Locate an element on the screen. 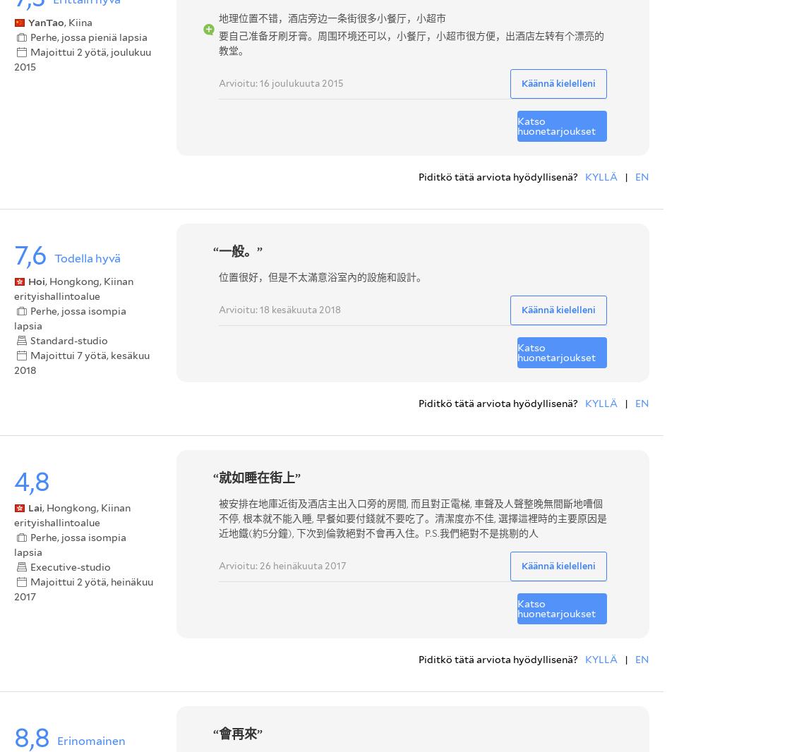 This screenshot has height=752, width=799. 'Executive-studio' is located at coordinates (69, 566).